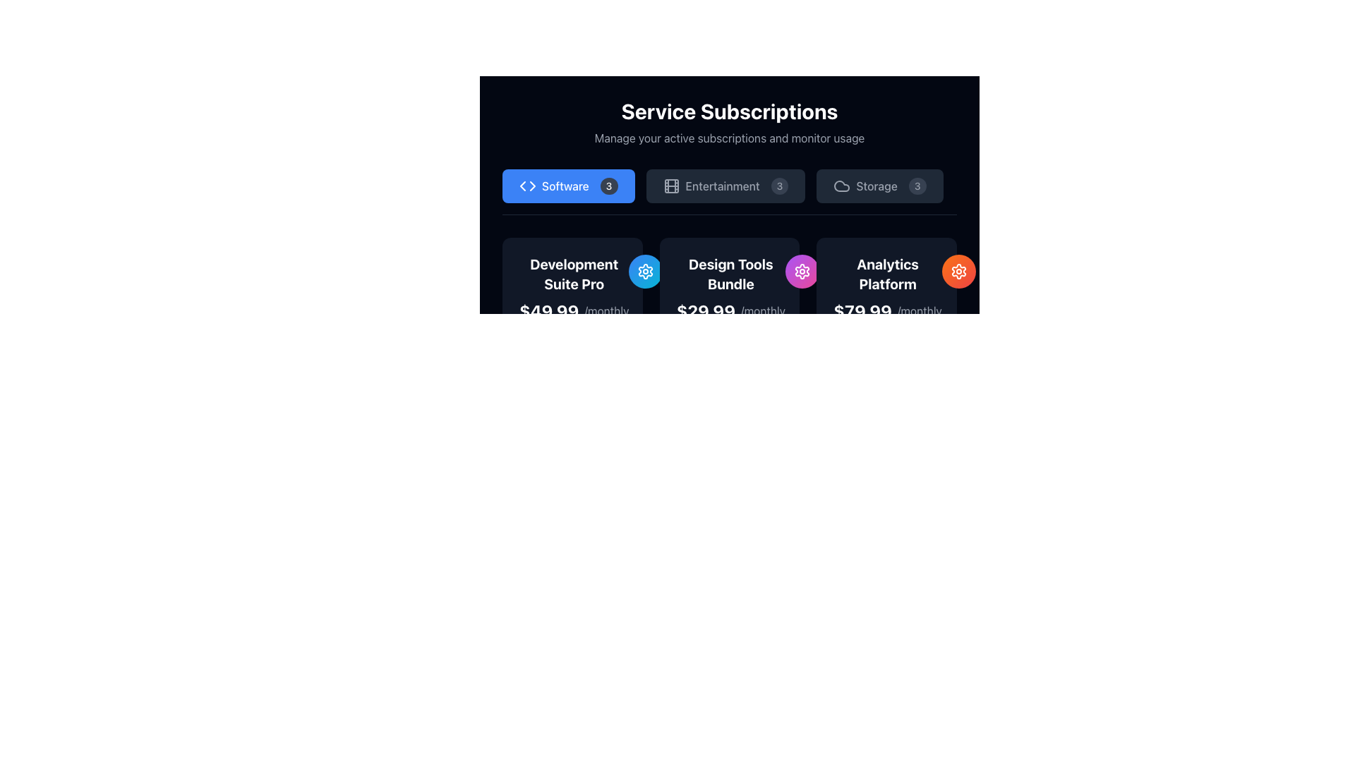 The width and height of the screenshot is (1355, 762). Describe the element at coordinates (879, 185) in the screenshot. I see `the 'Storage' button, which is a rectangular button with a dark gray background, a white cloud icon, and the text 'Storage' with a badge showing the number '3'` at that location.